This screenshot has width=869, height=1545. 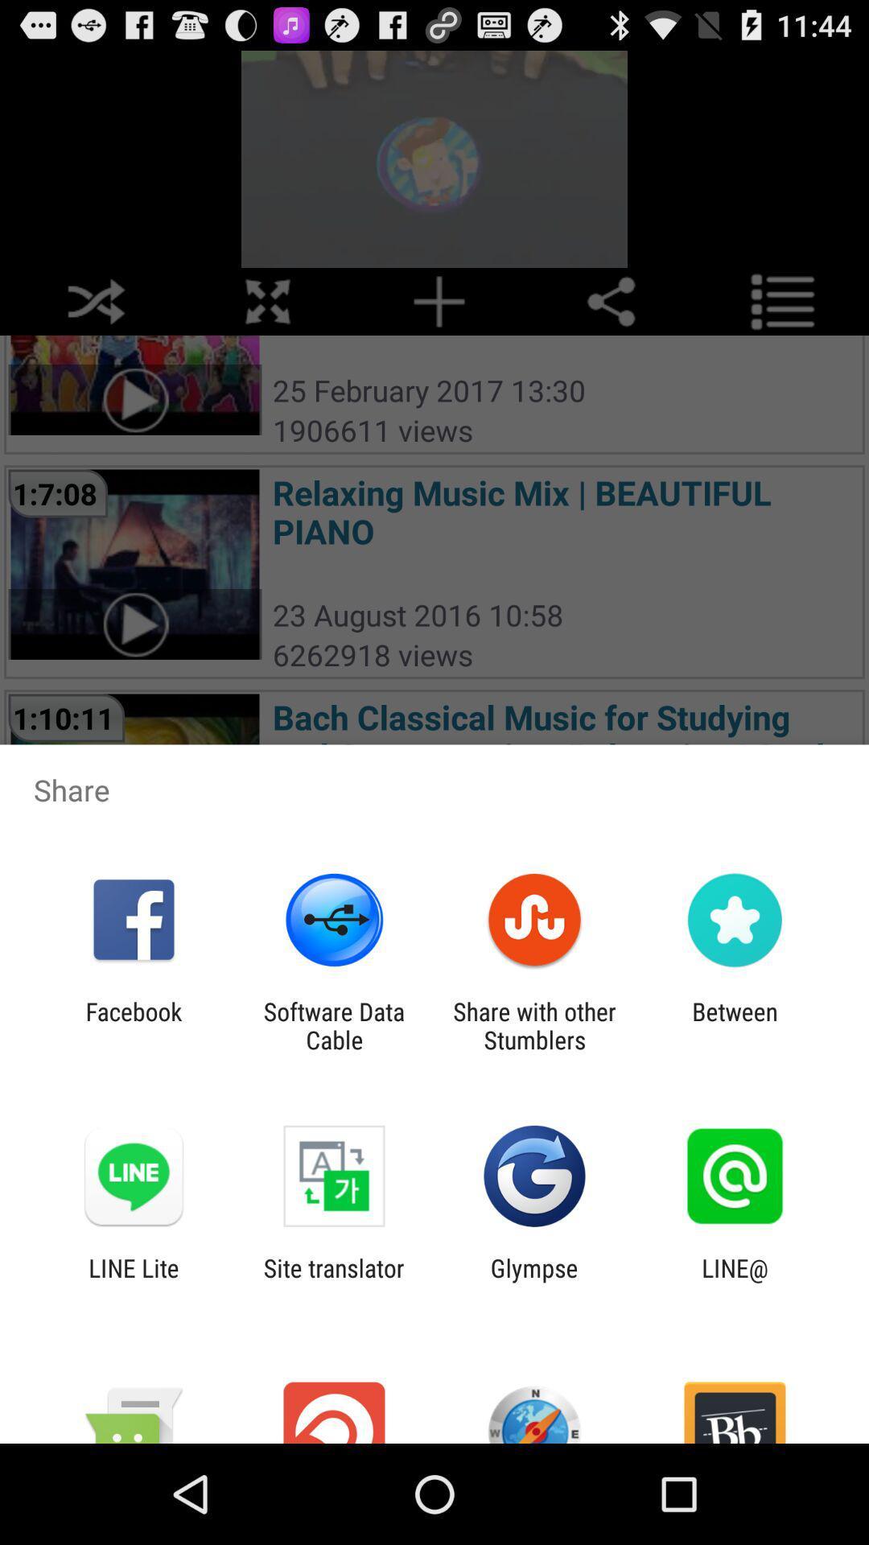 What do you see at coordinates (534, 1281) in the screenshot?
I see `the item to the right of the site translator app` at bounding box center [534, 1281].